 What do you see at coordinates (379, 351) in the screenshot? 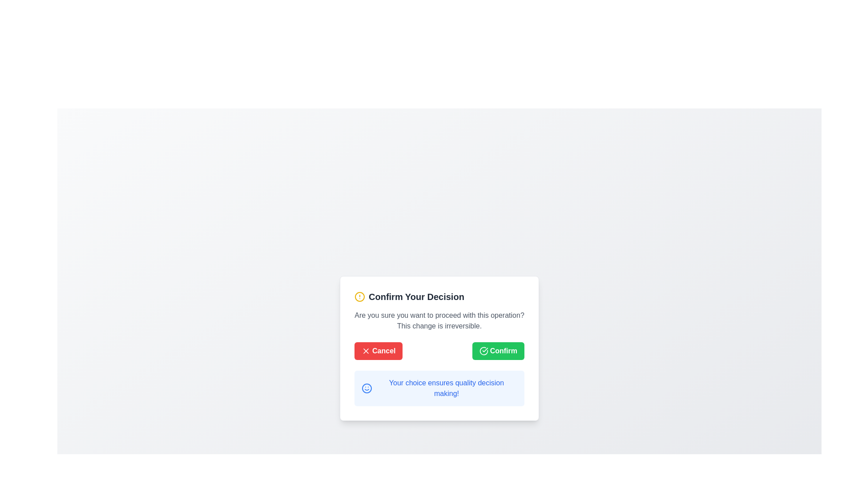
I see `the leftmost button labeled 'Cancel' with a red background and rounded corners` at bounding box center [379, 351].